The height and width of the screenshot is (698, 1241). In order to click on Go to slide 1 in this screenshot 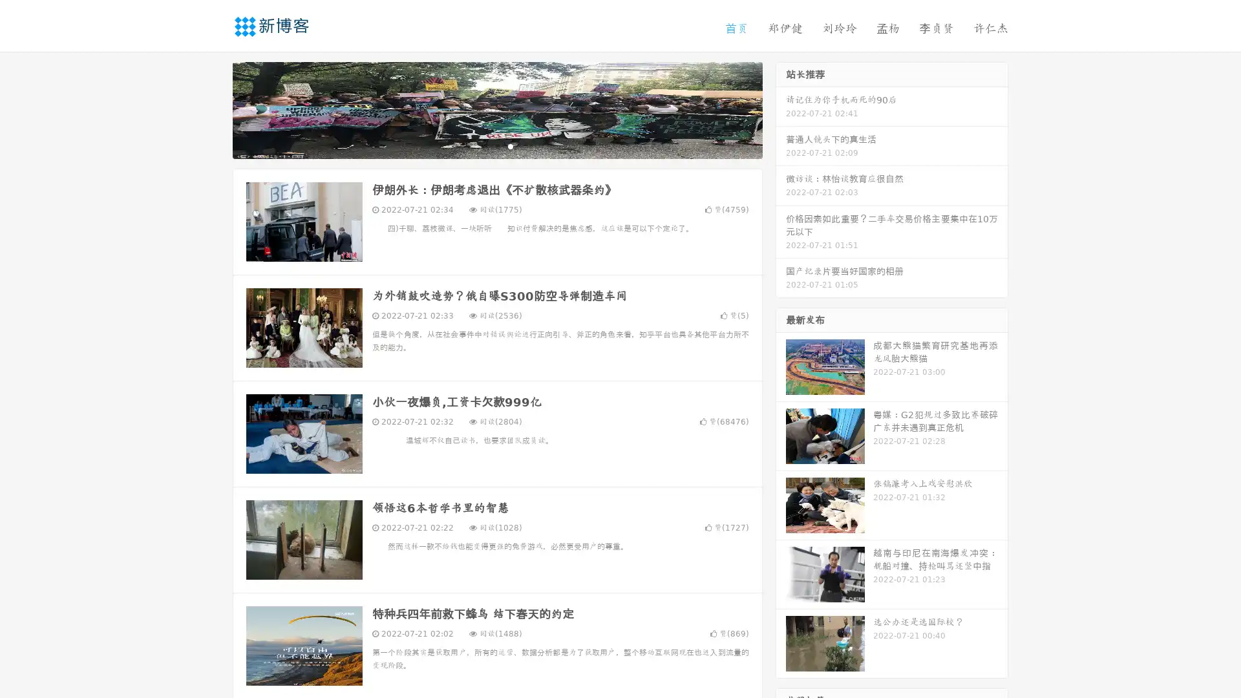, I will do `click(483, 145)`.